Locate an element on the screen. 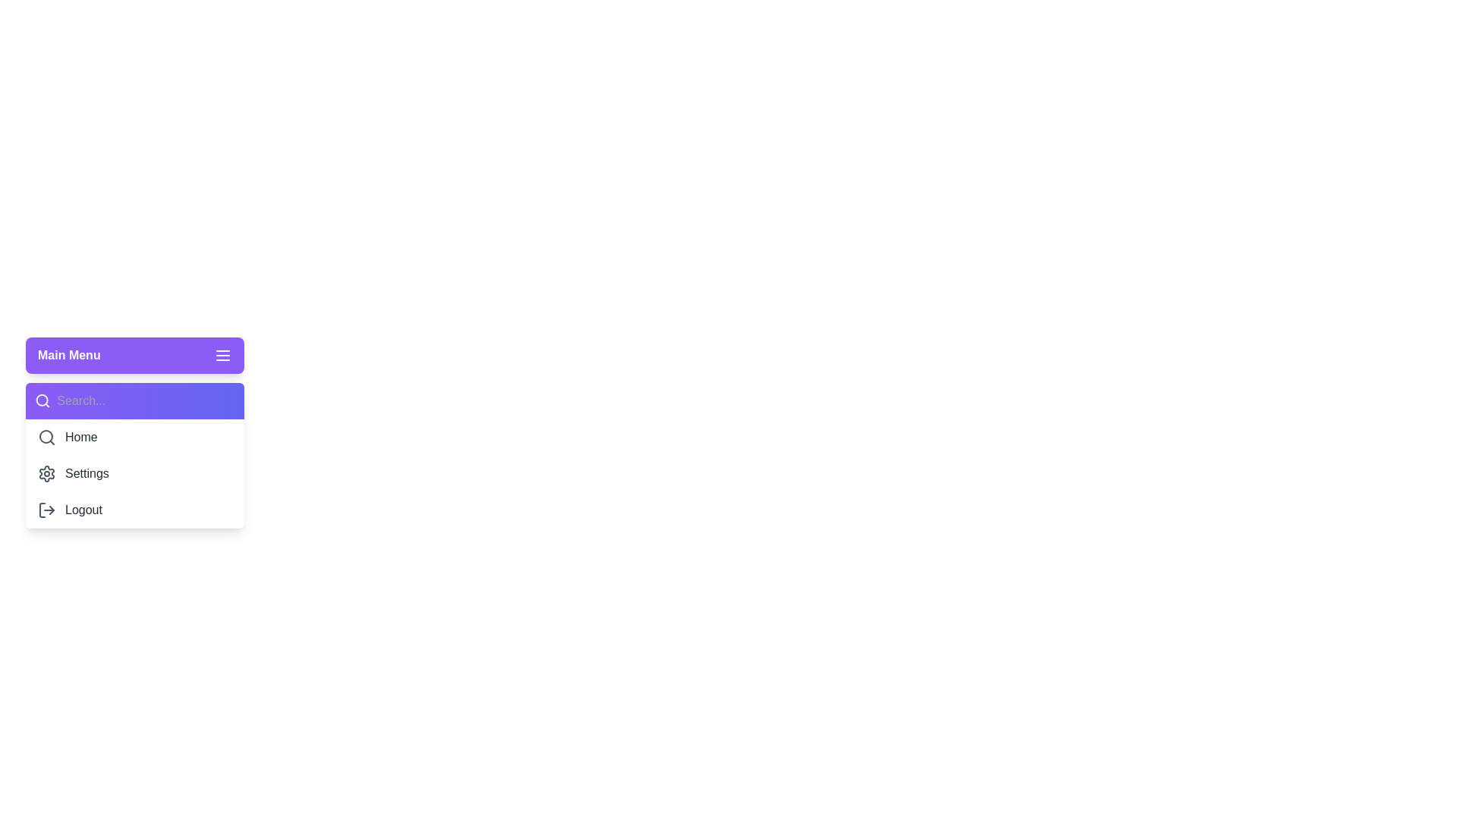 This screenshot has height=819, width=1457. the 'Settings' menu item to navigate to the Settings section is located at coordinates (134, 472).